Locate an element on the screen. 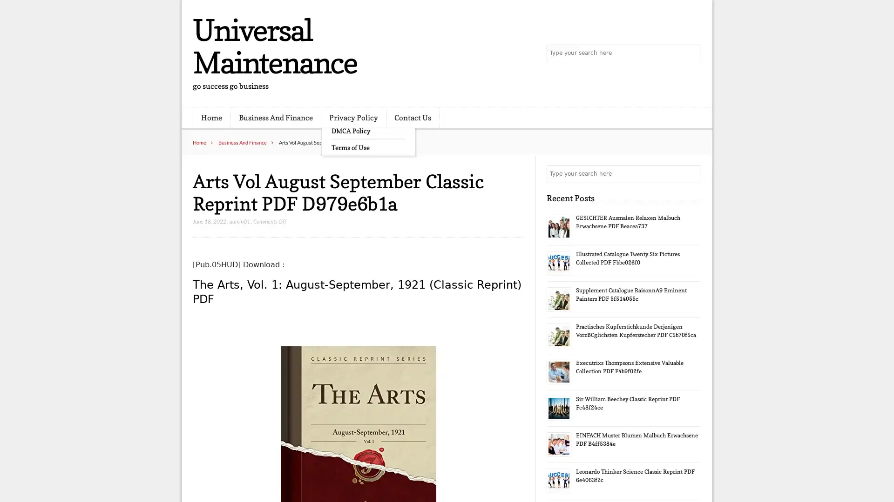 Image resolution: width=894 pixels, height=502 pixels. Search is located at coordinates (691, 174).